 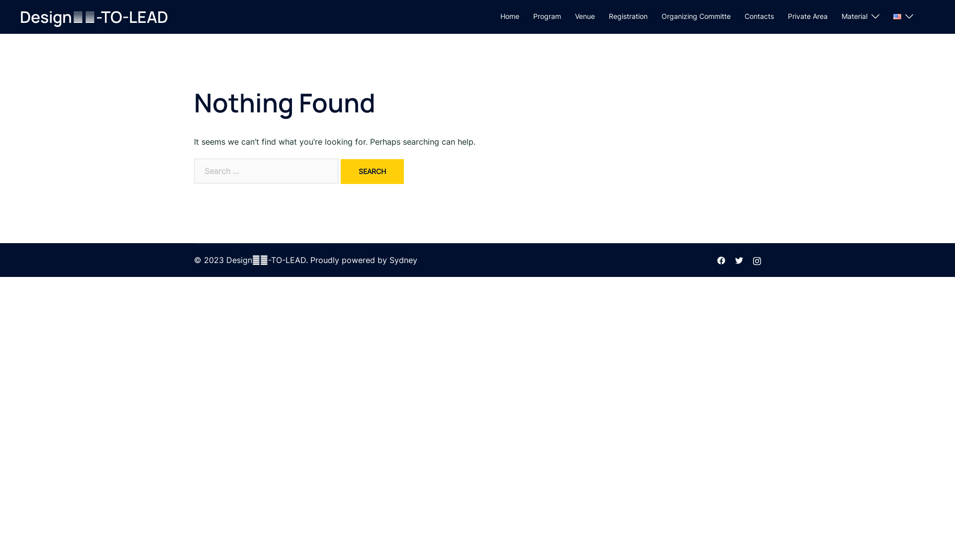 I want to click on 'Private Area', so click(x=807, y=16).